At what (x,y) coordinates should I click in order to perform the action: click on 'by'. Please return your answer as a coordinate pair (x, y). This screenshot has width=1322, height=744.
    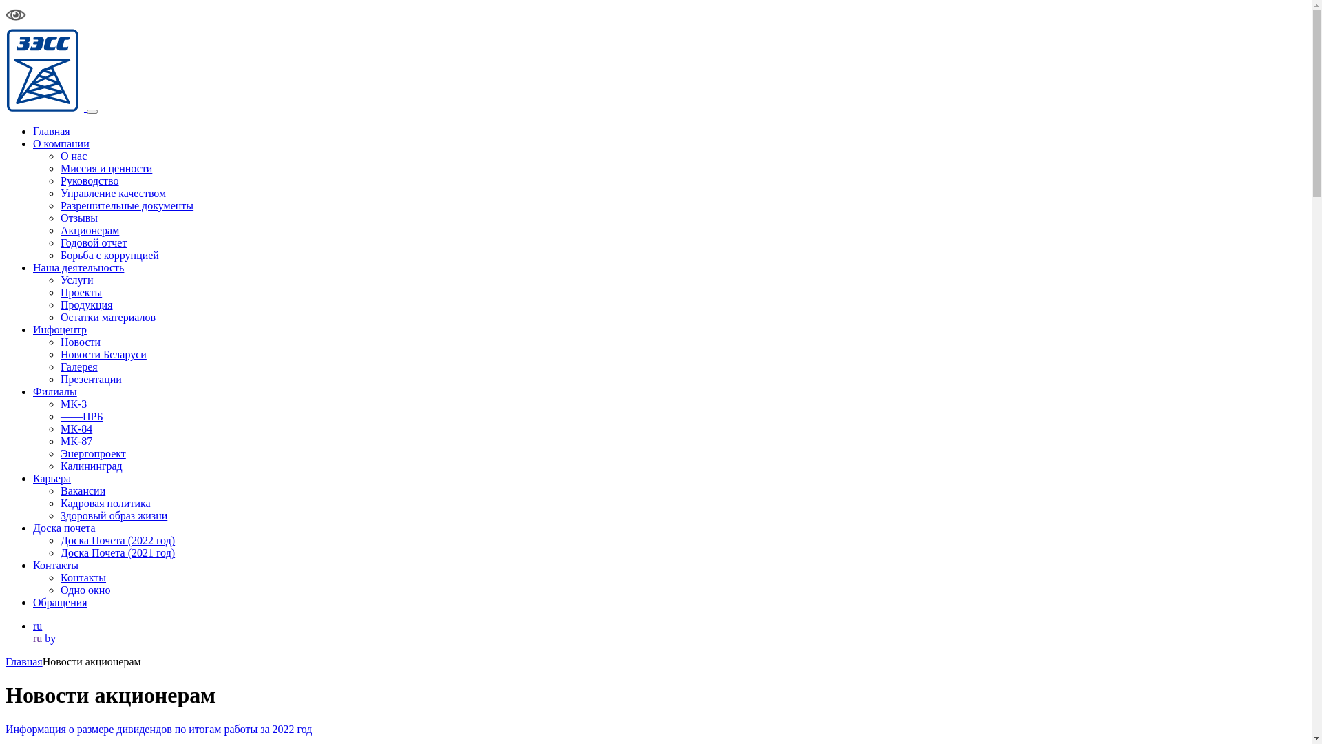
    Looking at the image, I should click on (50, 638).